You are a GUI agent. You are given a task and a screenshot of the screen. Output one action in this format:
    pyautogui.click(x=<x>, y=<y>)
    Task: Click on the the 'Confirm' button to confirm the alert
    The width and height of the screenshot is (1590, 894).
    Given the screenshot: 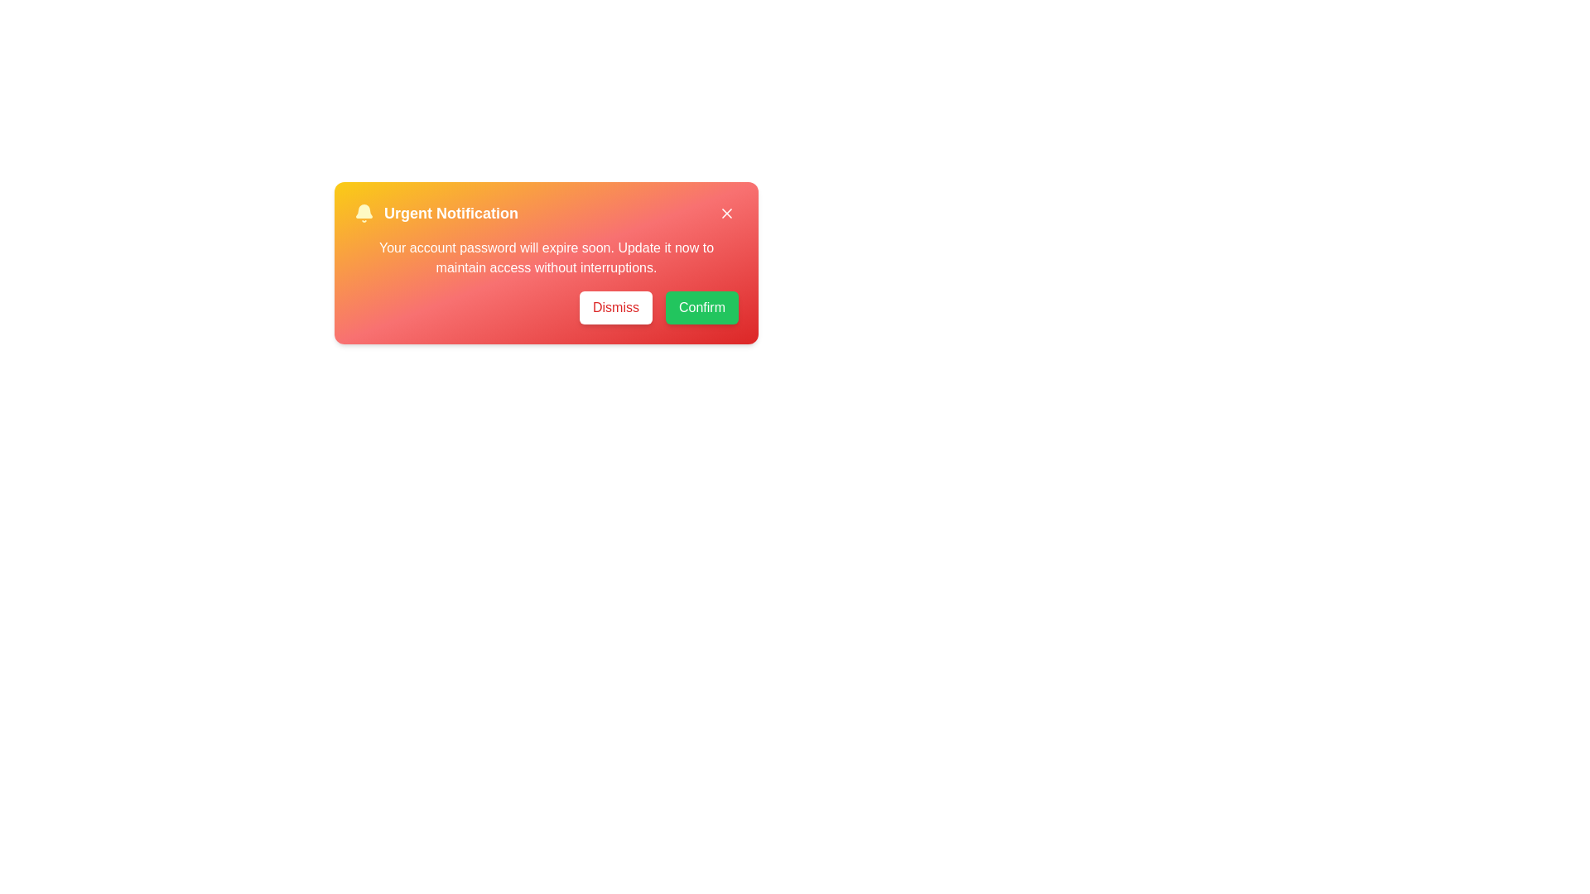 What is the action you would take?
    pyautogui.click(x=702, y=307)
    